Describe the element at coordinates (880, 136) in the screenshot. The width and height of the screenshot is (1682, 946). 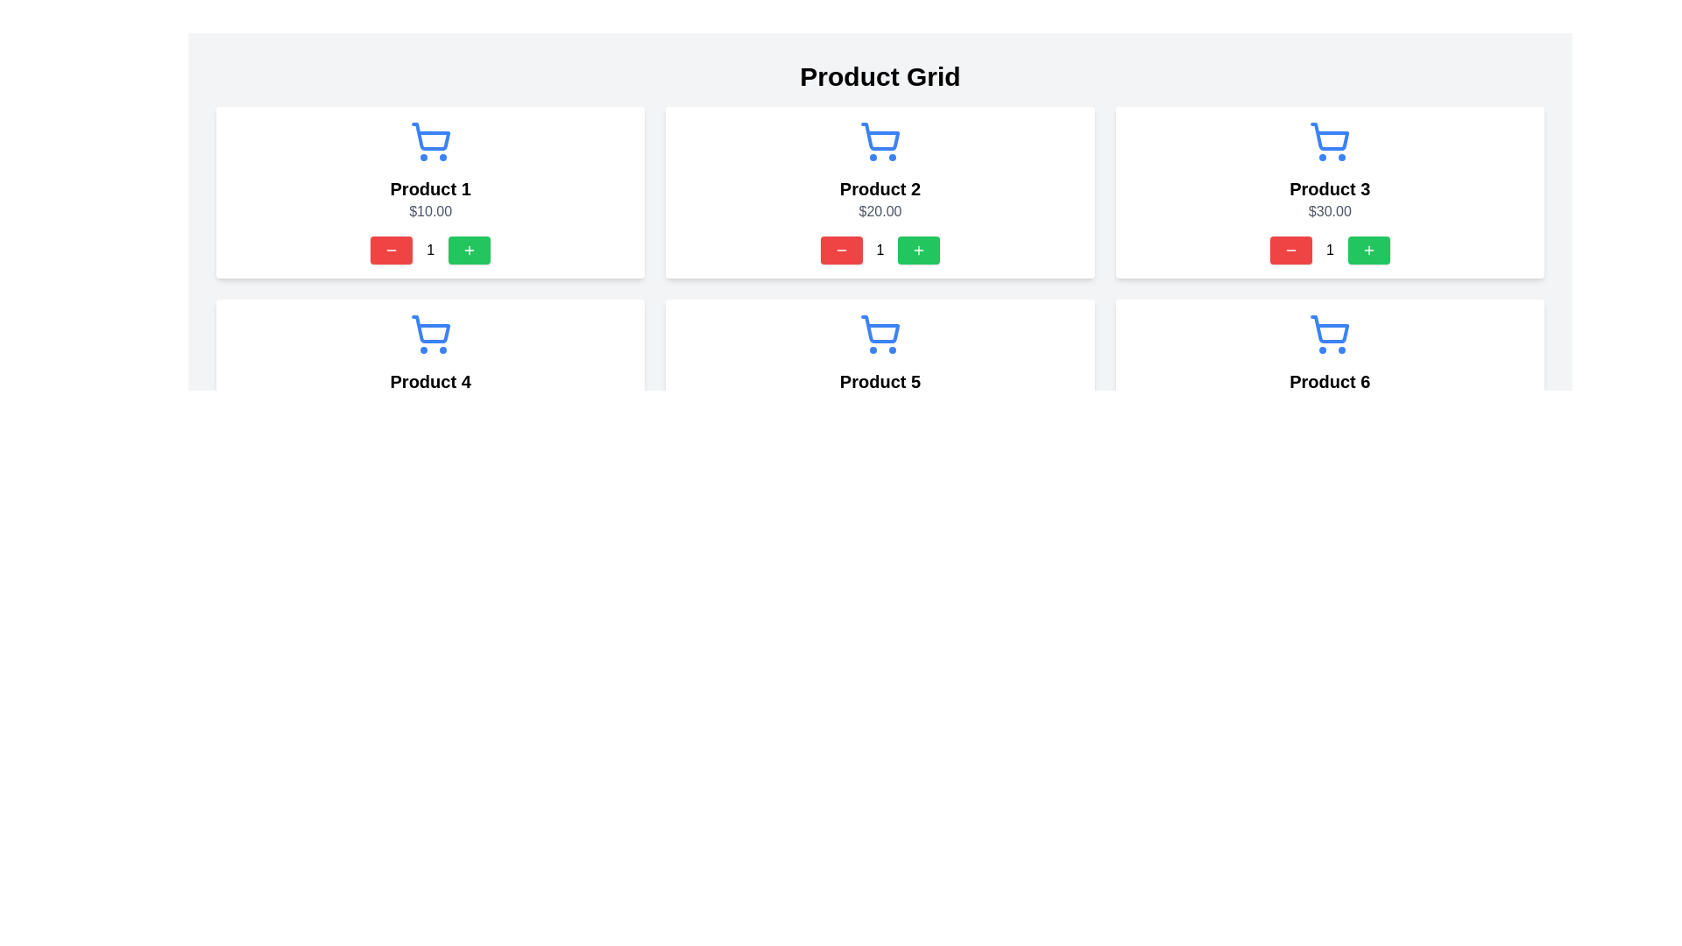
I see `the shopping cart icon associated with 'Product 2' located in the top-center panel of the grid` at that location.